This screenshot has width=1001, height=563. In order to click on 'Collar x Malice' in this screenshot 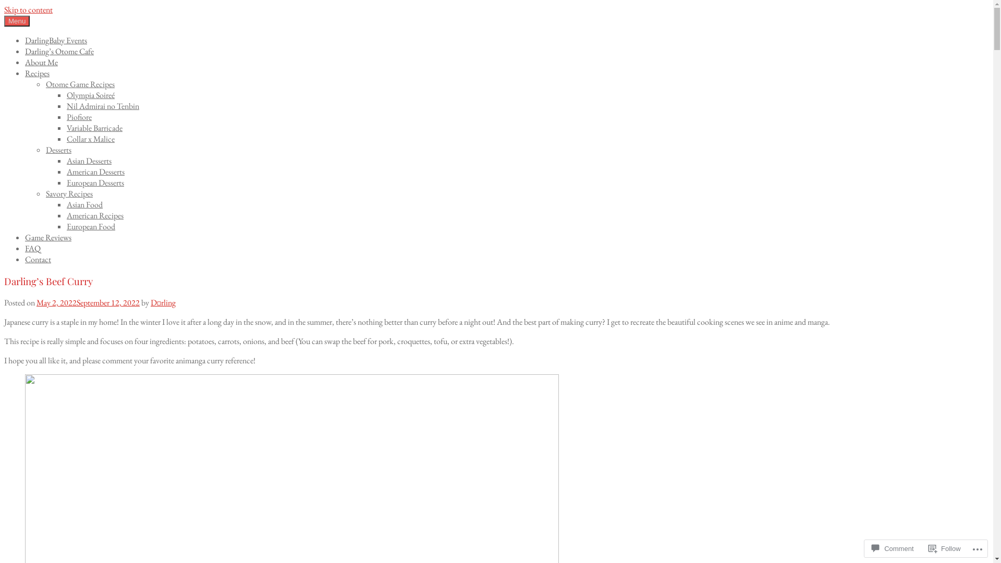, I will do `click(90, 138)`.